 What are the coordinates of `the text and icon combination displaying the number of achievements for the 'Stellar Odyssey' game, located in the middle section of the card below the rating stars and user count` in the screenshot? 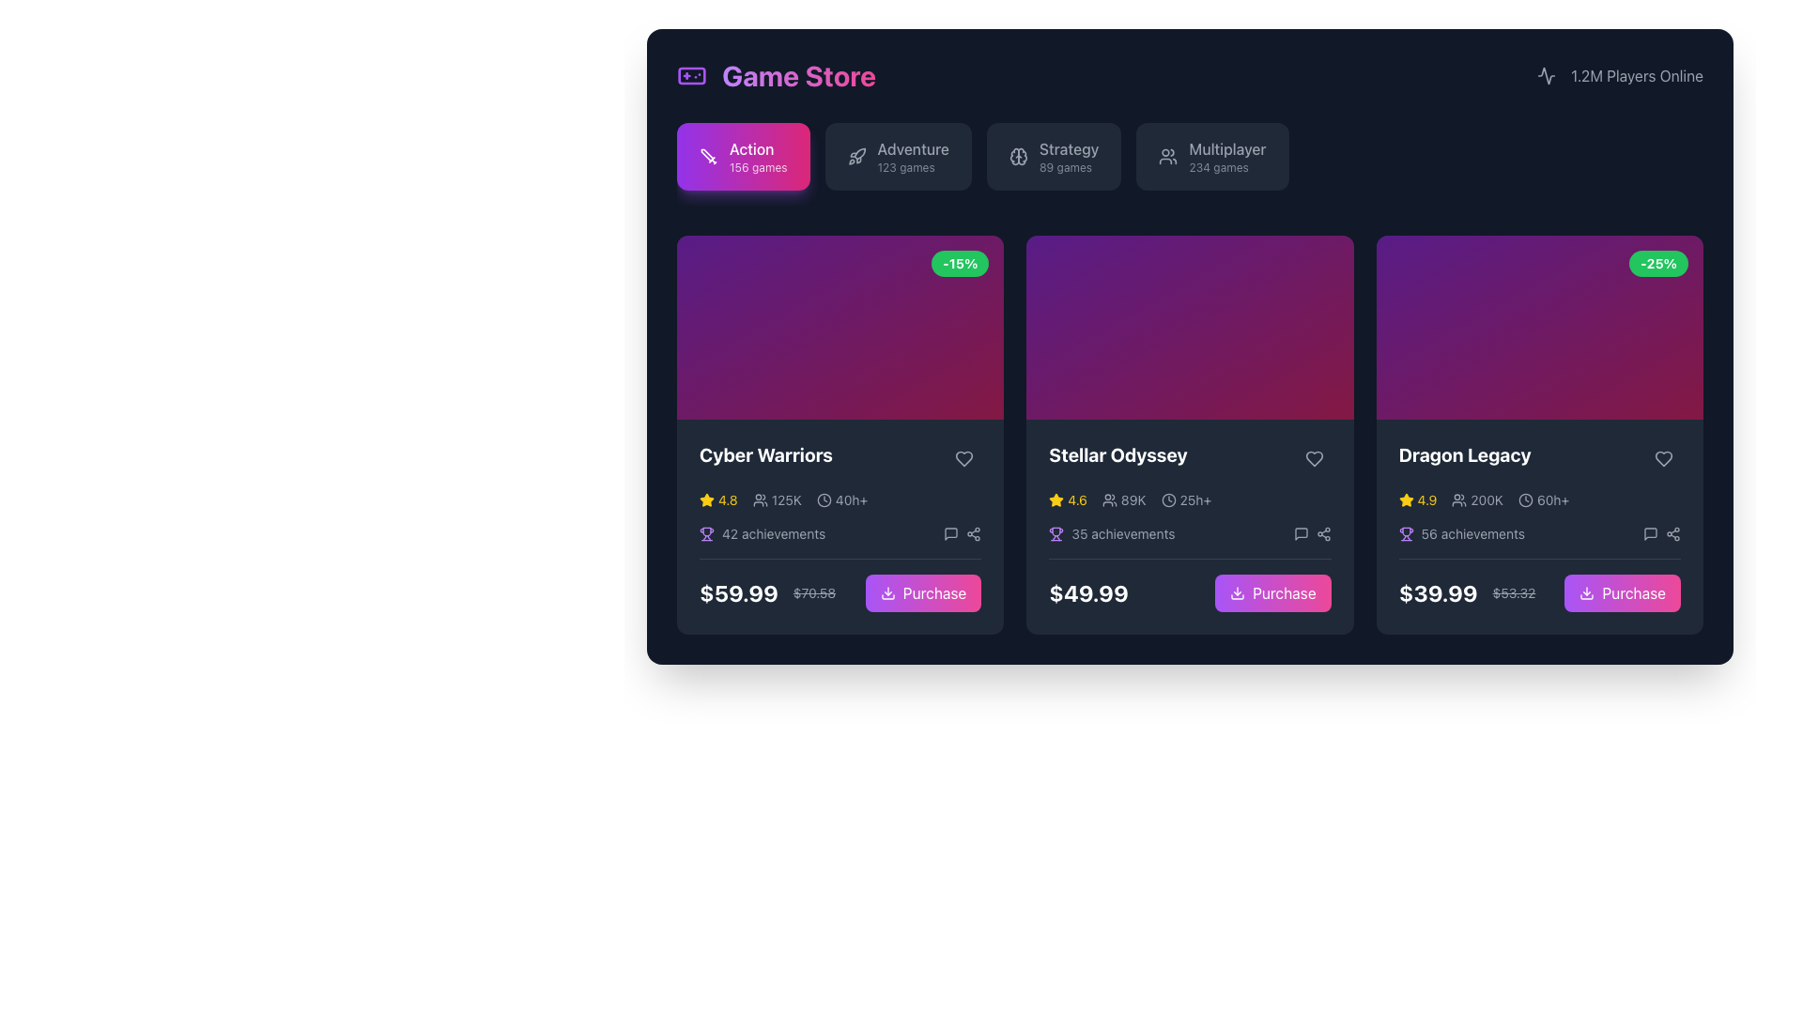 It's located at (1112, 533).